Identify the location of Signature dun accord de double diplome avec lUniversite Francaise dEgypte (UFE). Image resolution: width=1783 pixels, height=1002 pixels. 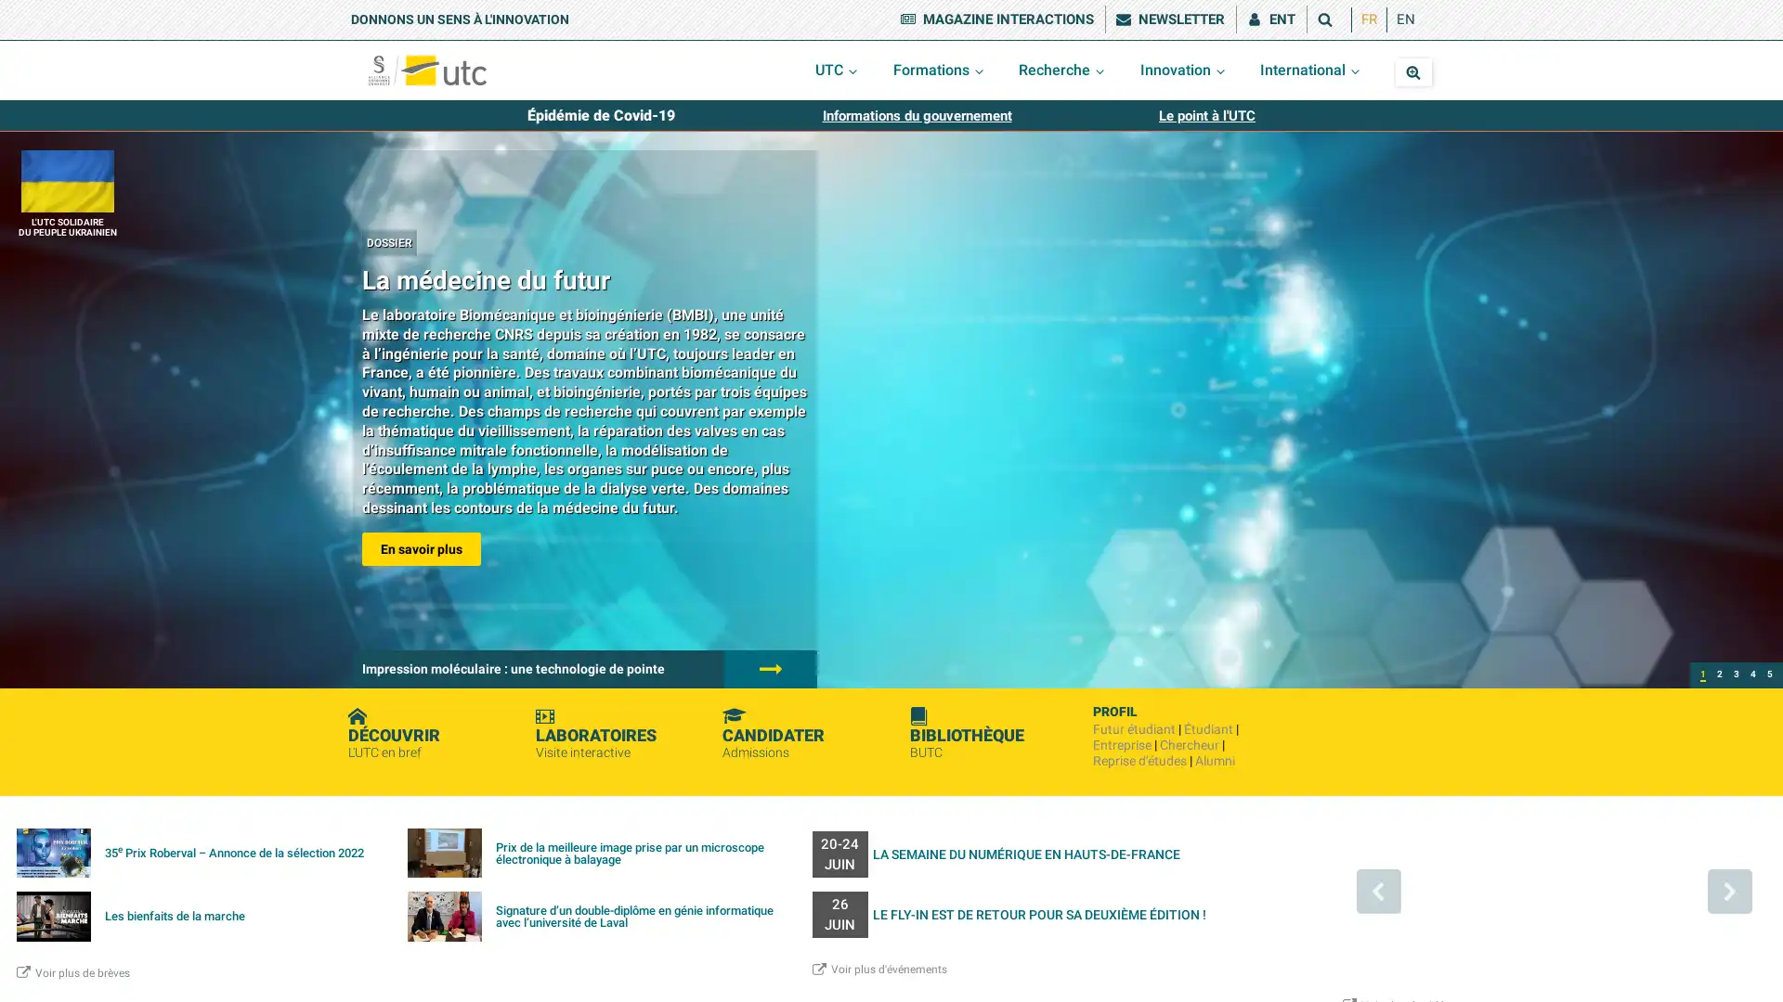
(1768, 675).